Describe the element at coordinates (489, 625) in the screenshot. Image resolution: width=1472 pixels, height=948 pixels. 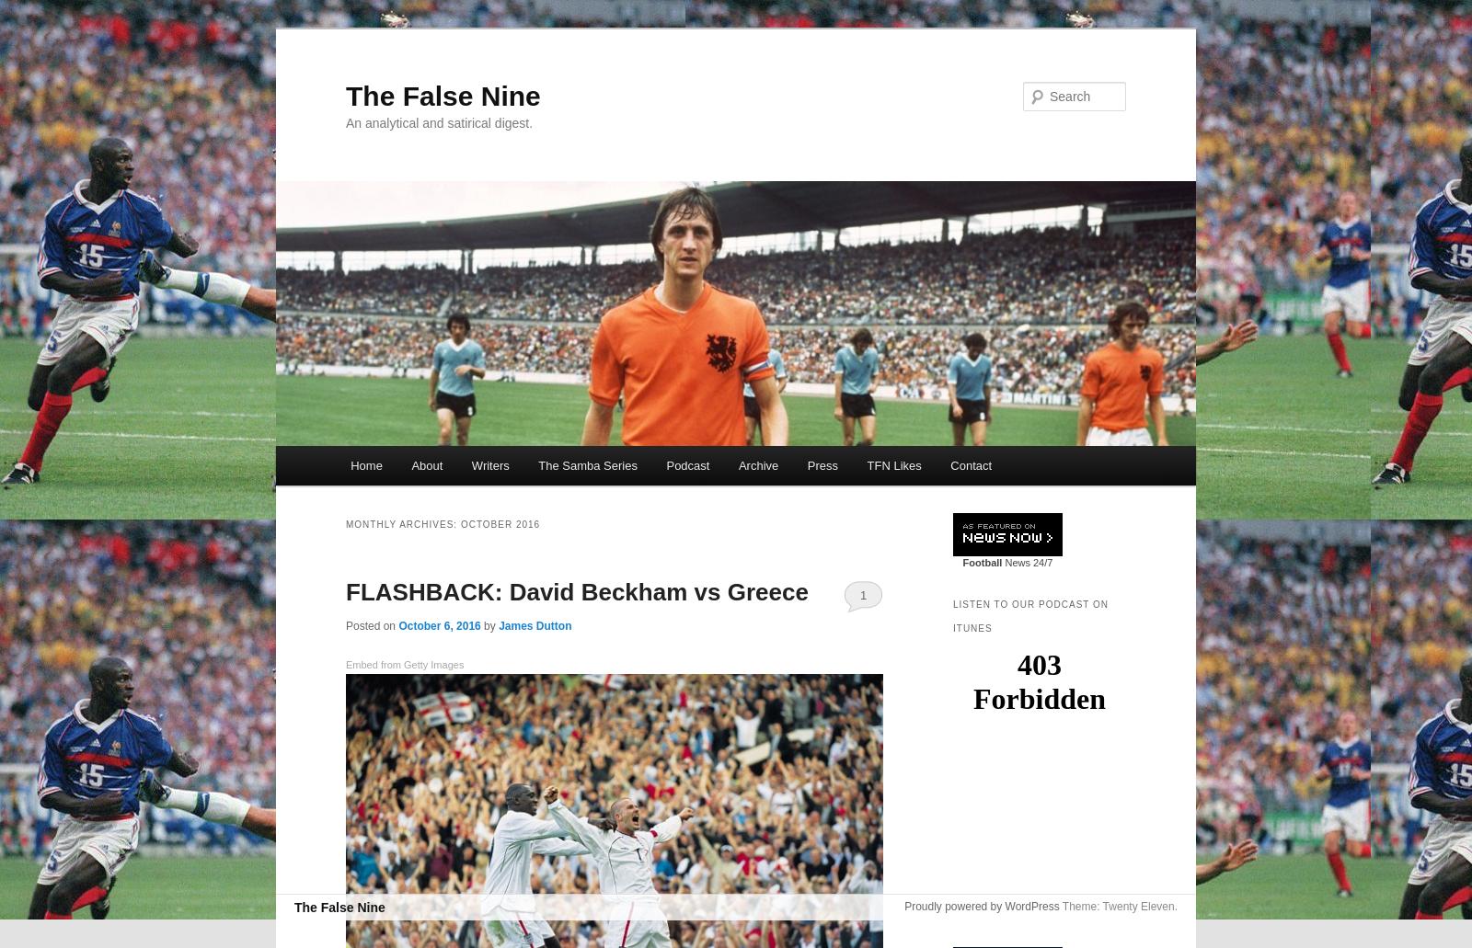
I see `'by'` at that location.